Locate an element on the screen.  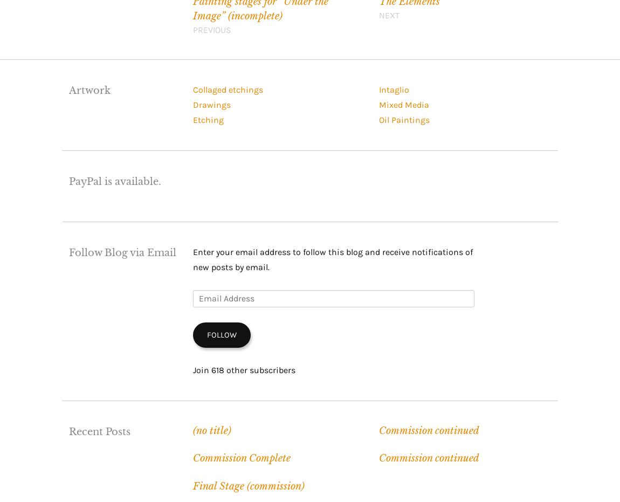
'Previous' is located at coordinates (211, 29).